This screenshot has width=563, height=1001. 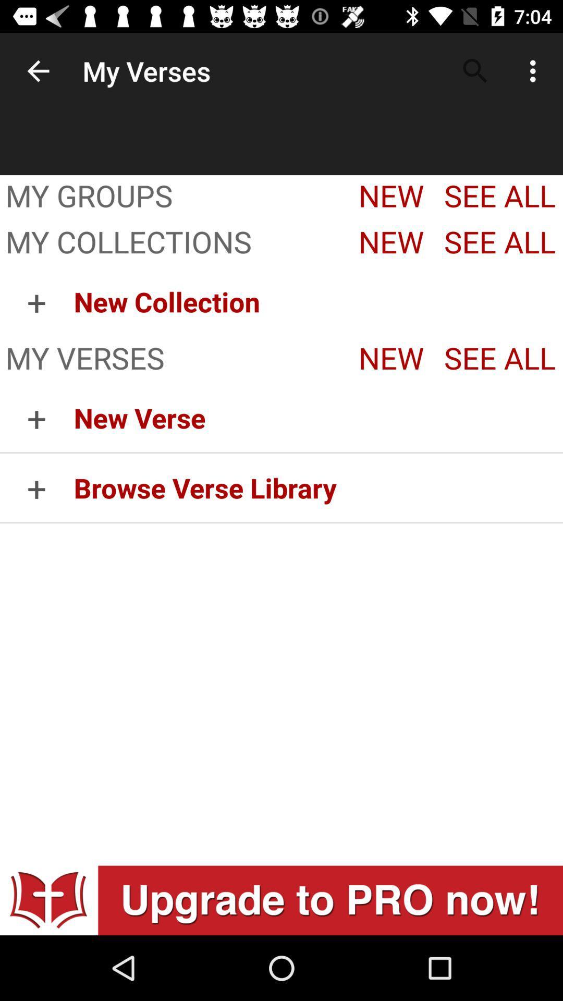 What do you see at coordinates (317, 301) in the screenshot?
I see `the item above the my verses app` at bounding box center [317, 301].